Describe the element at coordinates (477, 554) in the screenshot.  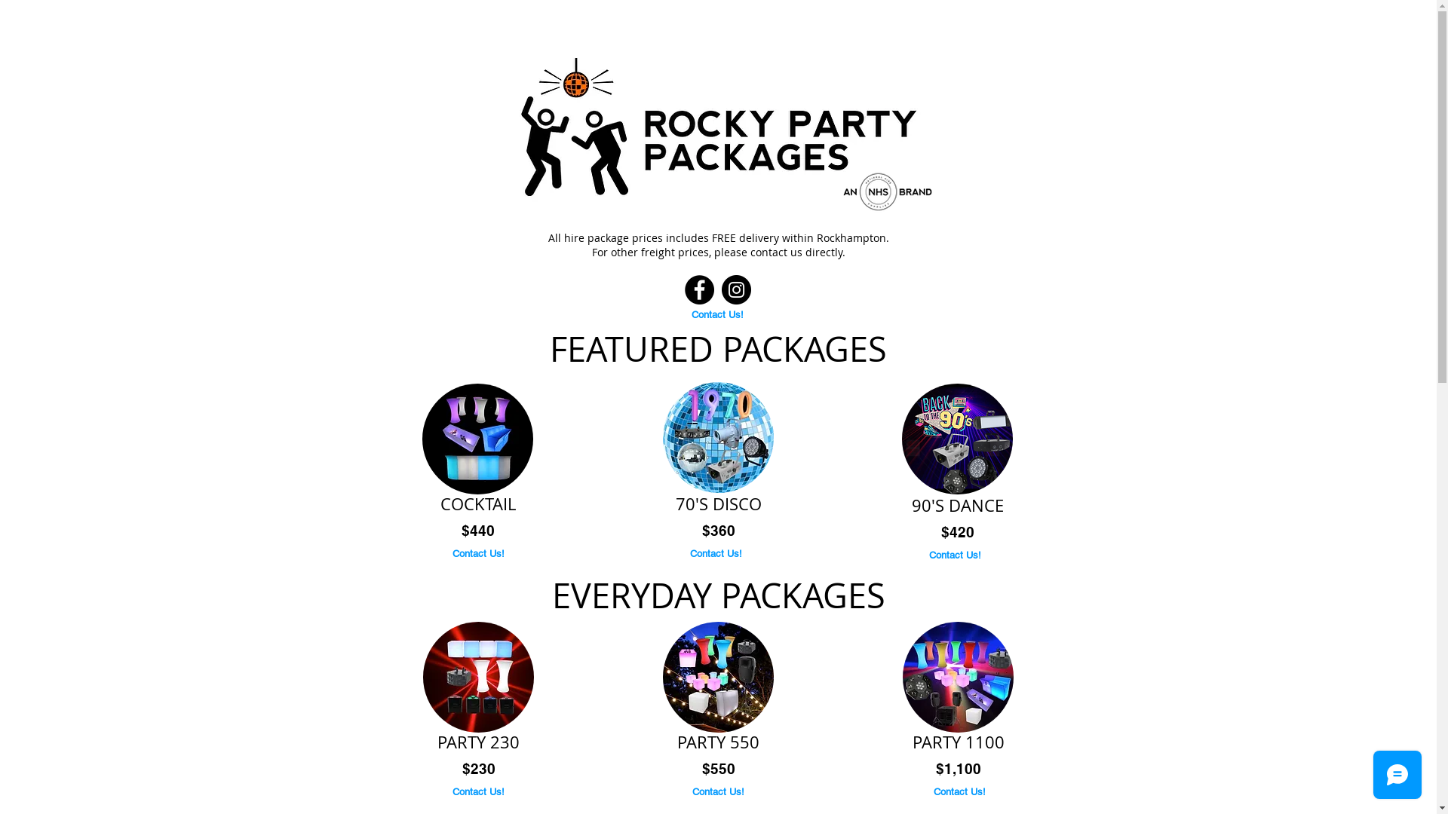
I see `'Contact Us!'` at that location.